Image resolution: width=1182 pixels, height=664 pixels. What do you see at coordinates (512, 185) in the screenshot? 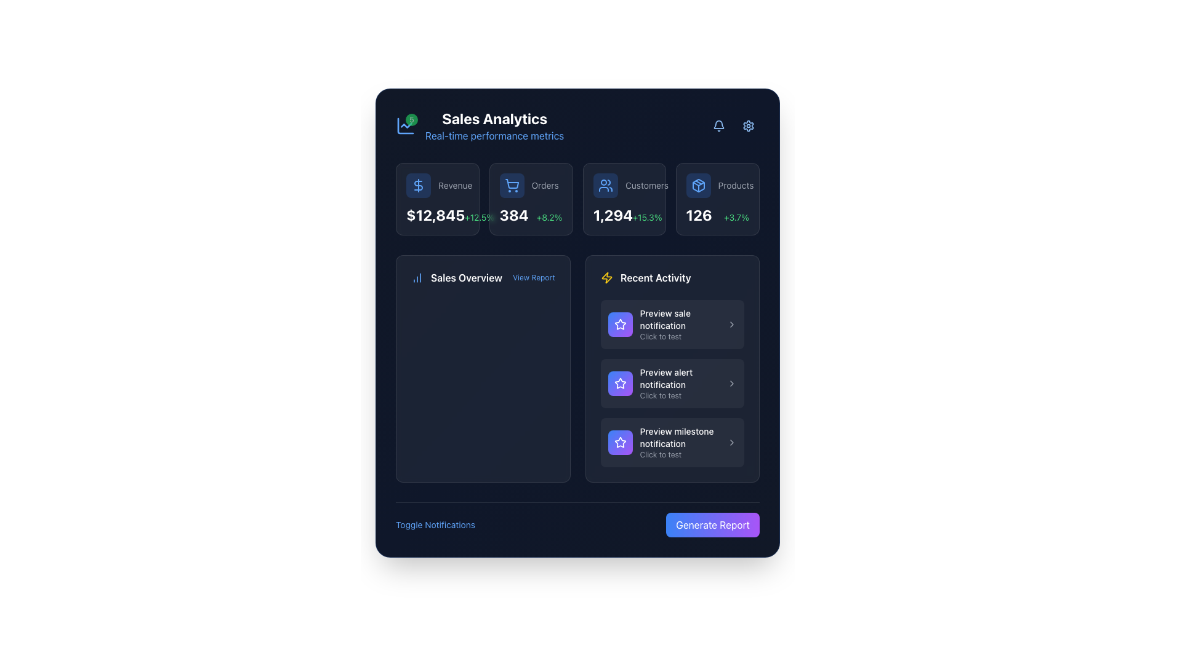
I see `the 'Orders' icon located above the number '384' in the analytics dashboard, which signifies the 'Orders' category` at bounding box center [512, 185].